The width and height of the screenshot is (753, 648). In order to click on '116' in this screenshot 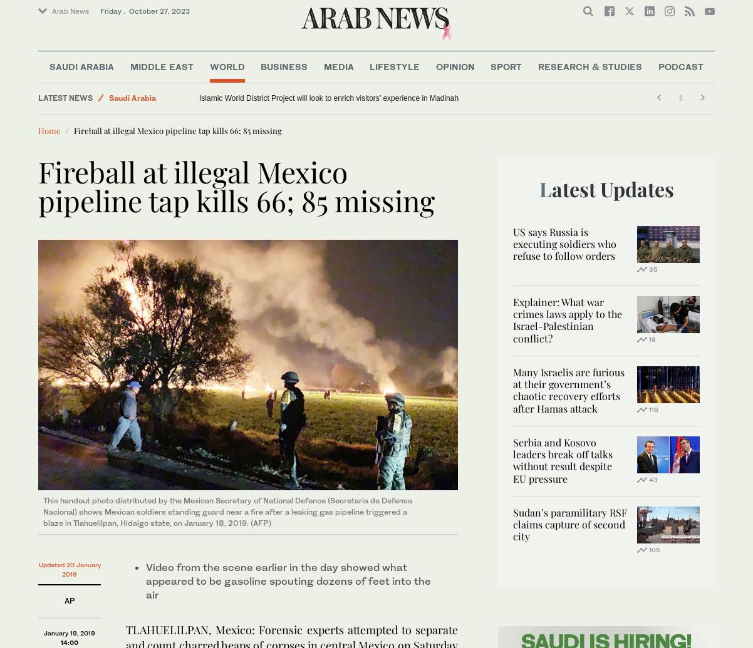, I will do `click(653, 408)`.